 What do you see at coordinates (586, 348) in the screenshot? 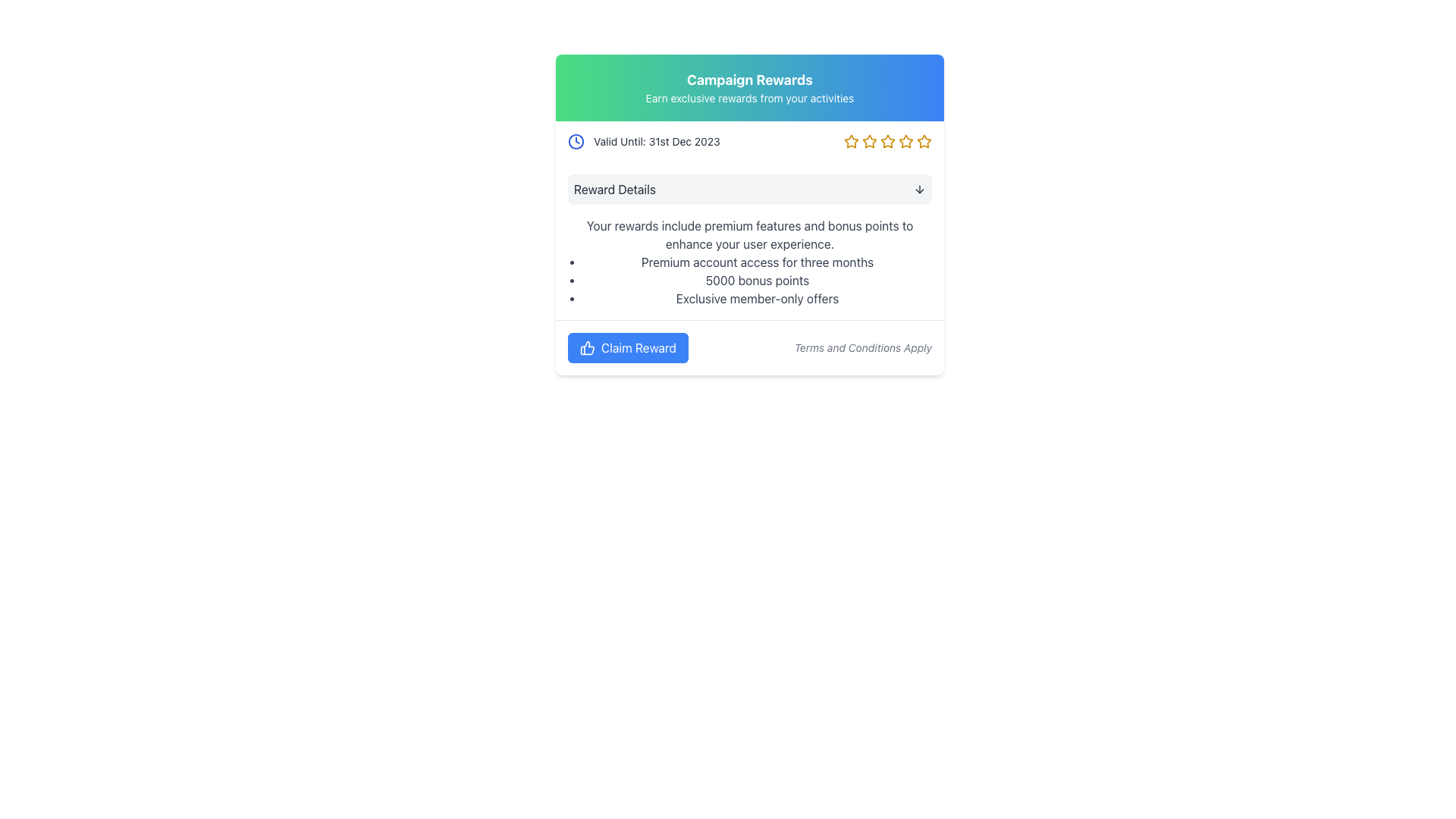
I see `the thumbs-up icon within the blue 'Claim Reward' button located at the bottom of the content card` at bounding box center [586, 348].